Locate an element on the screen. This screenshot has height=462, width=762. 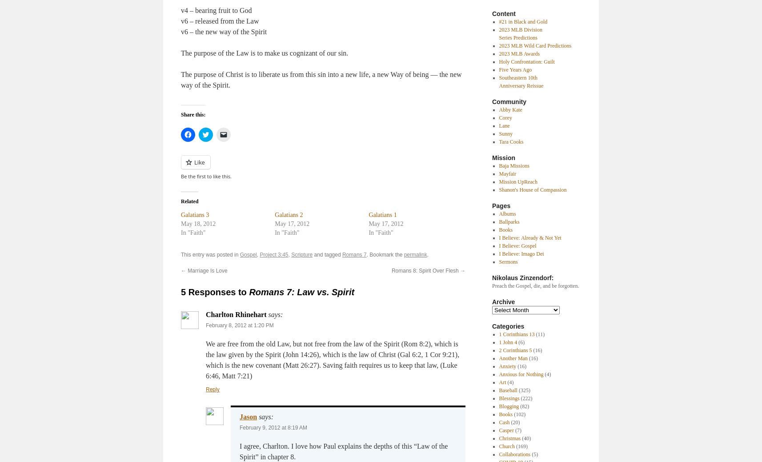
'Nikolaus Zinzendorf:' is located at coordinates (522, 277).